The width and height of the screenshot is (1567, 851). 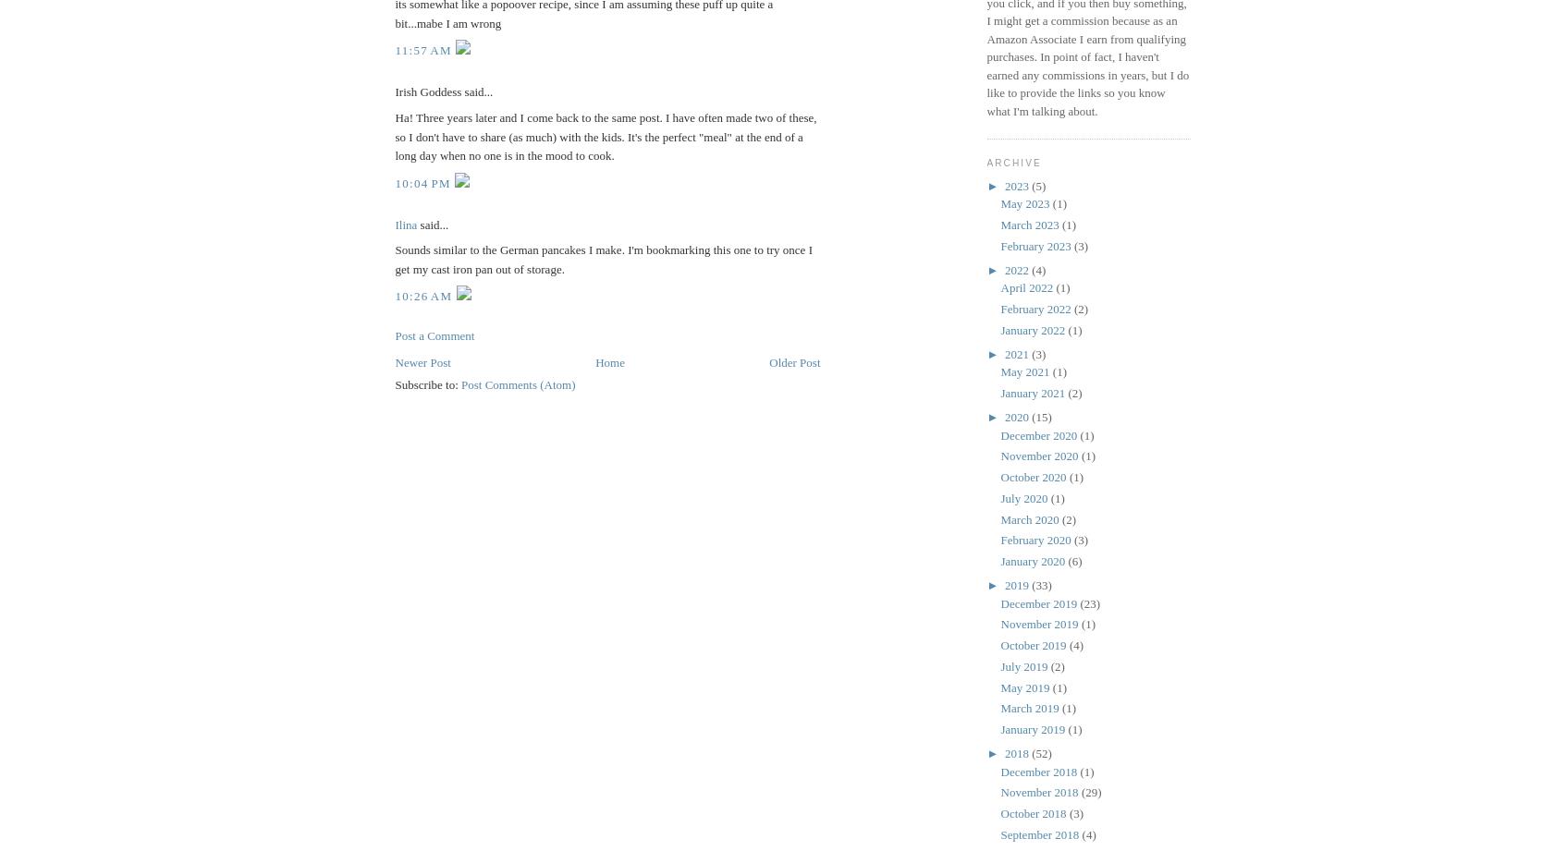 What do you see at coordinates (394, 335) in the screenshot?
I see `'Post a Comment'` at bounding box center [394, 335].